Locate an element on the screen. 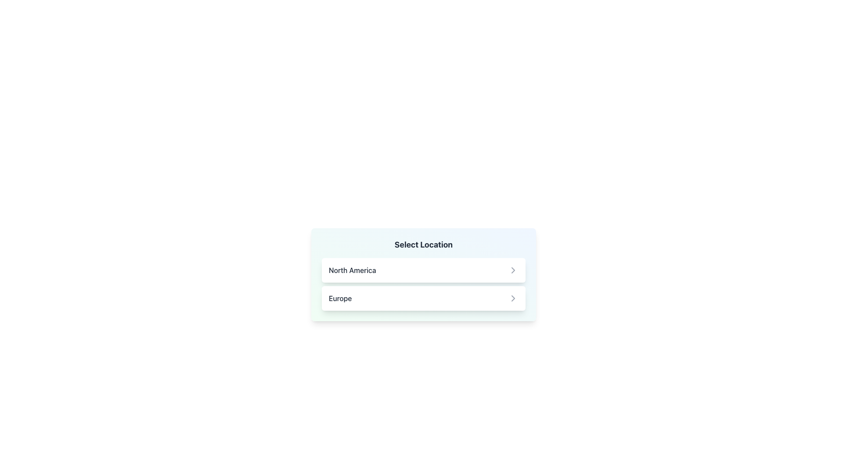 The width and height of the screenshot is (843, 474). the first item in the vertically stacked list is located at coordinates (423, 270).